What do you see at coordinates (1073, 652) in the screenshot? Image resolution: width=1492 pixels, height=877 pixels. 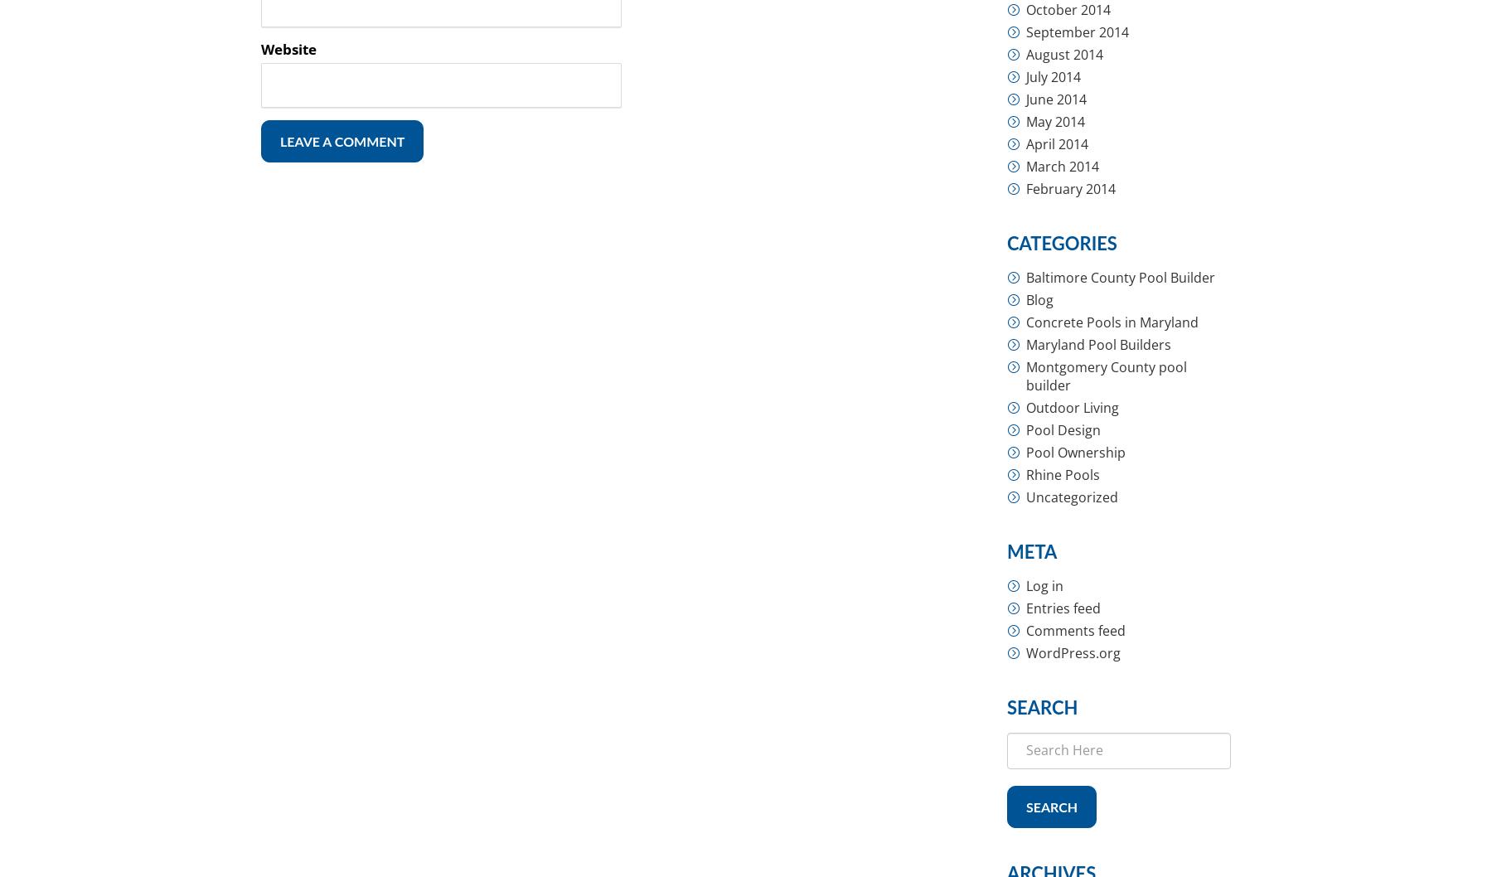 I see `'WordPress.org'` at bounding box center [1073, 652].